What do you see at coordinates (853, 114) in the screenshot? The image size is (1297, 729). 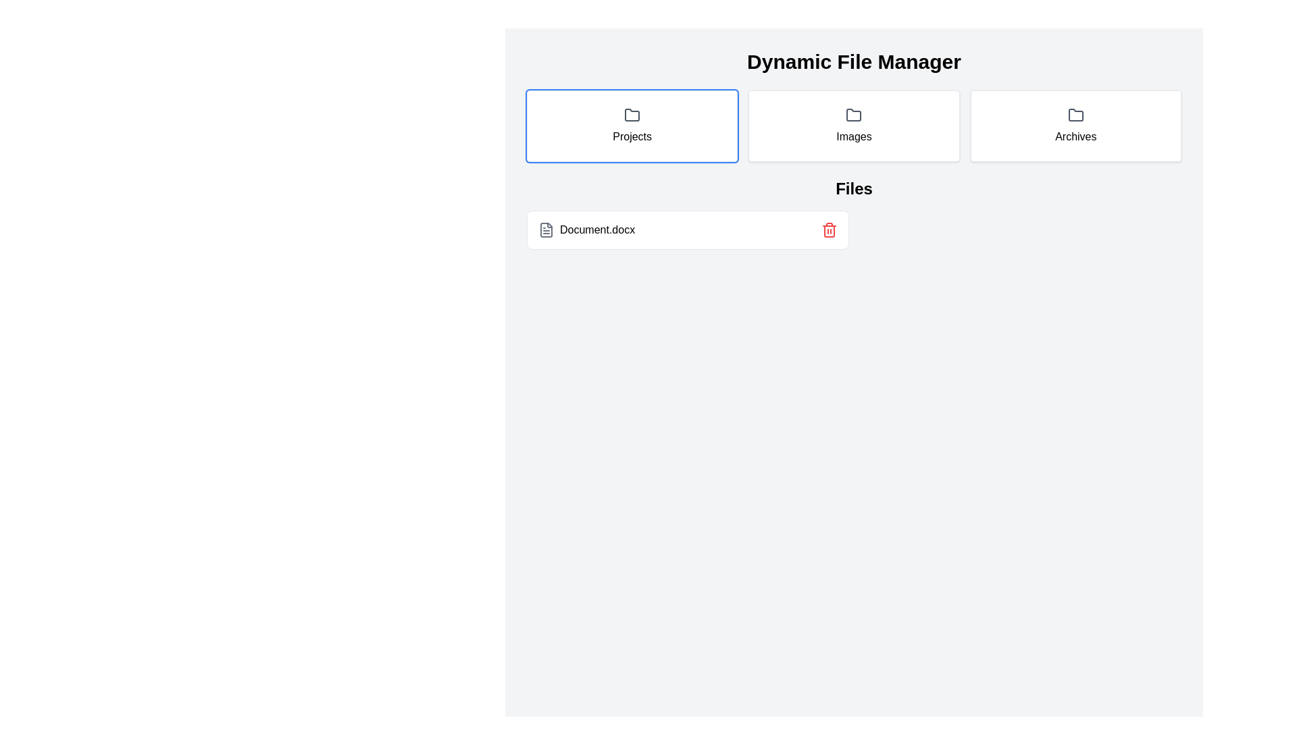 I see `the SVG icon representing the 'Images' section, which is located inside a rectangular card at the top-center of the interface` at bounding box center [853, 114].